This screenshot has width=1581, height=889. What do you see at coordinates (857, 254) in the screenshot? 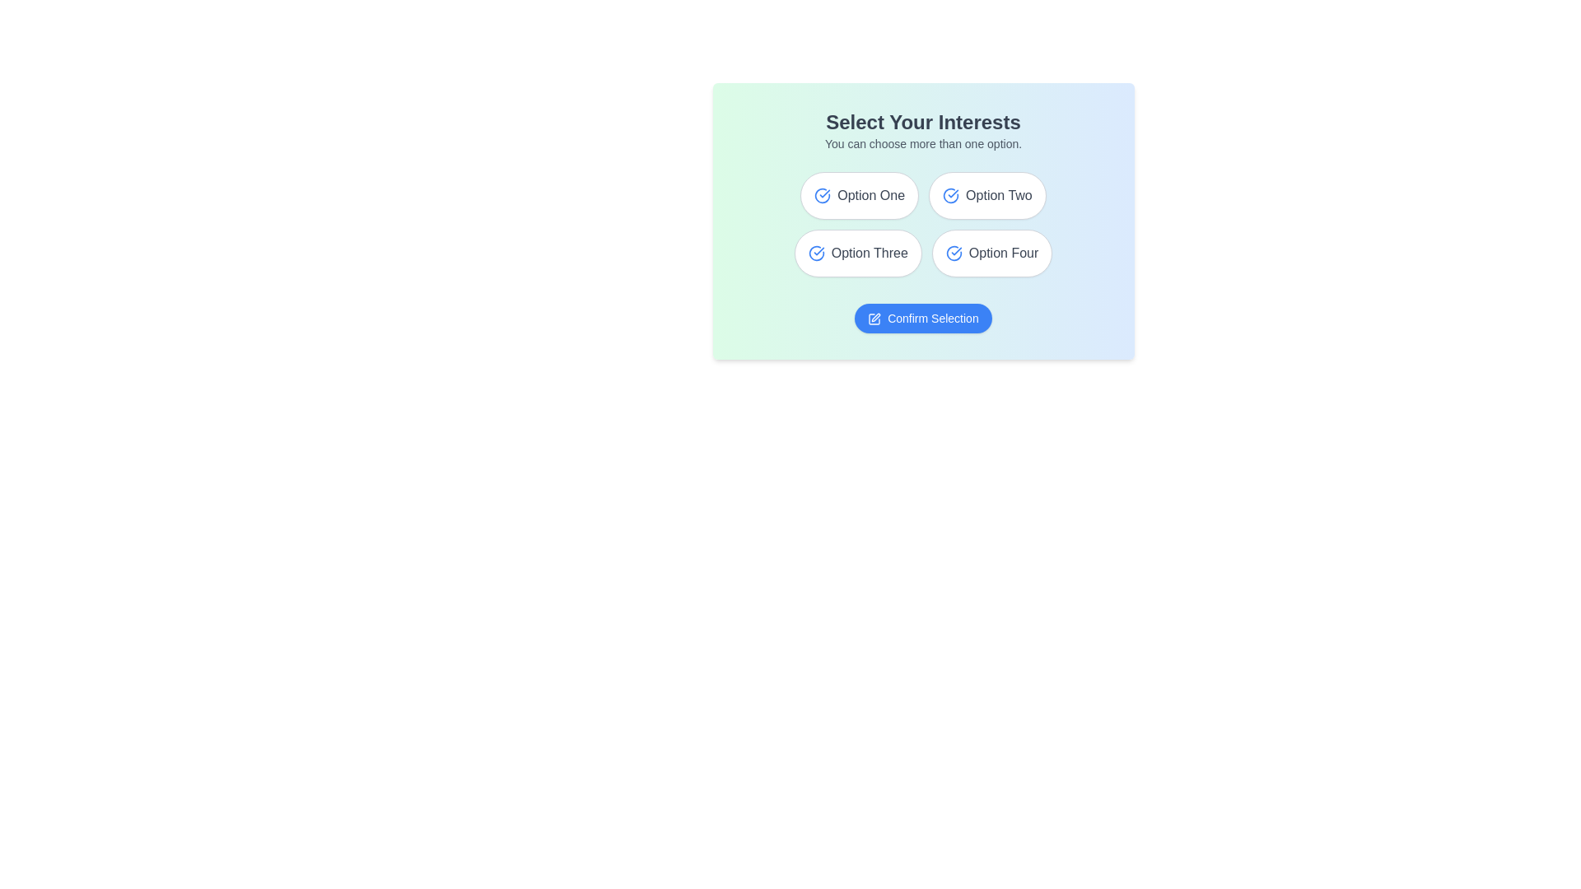
I see `the option Option Three to observe the hover effect` at bounding box center [857, 254].